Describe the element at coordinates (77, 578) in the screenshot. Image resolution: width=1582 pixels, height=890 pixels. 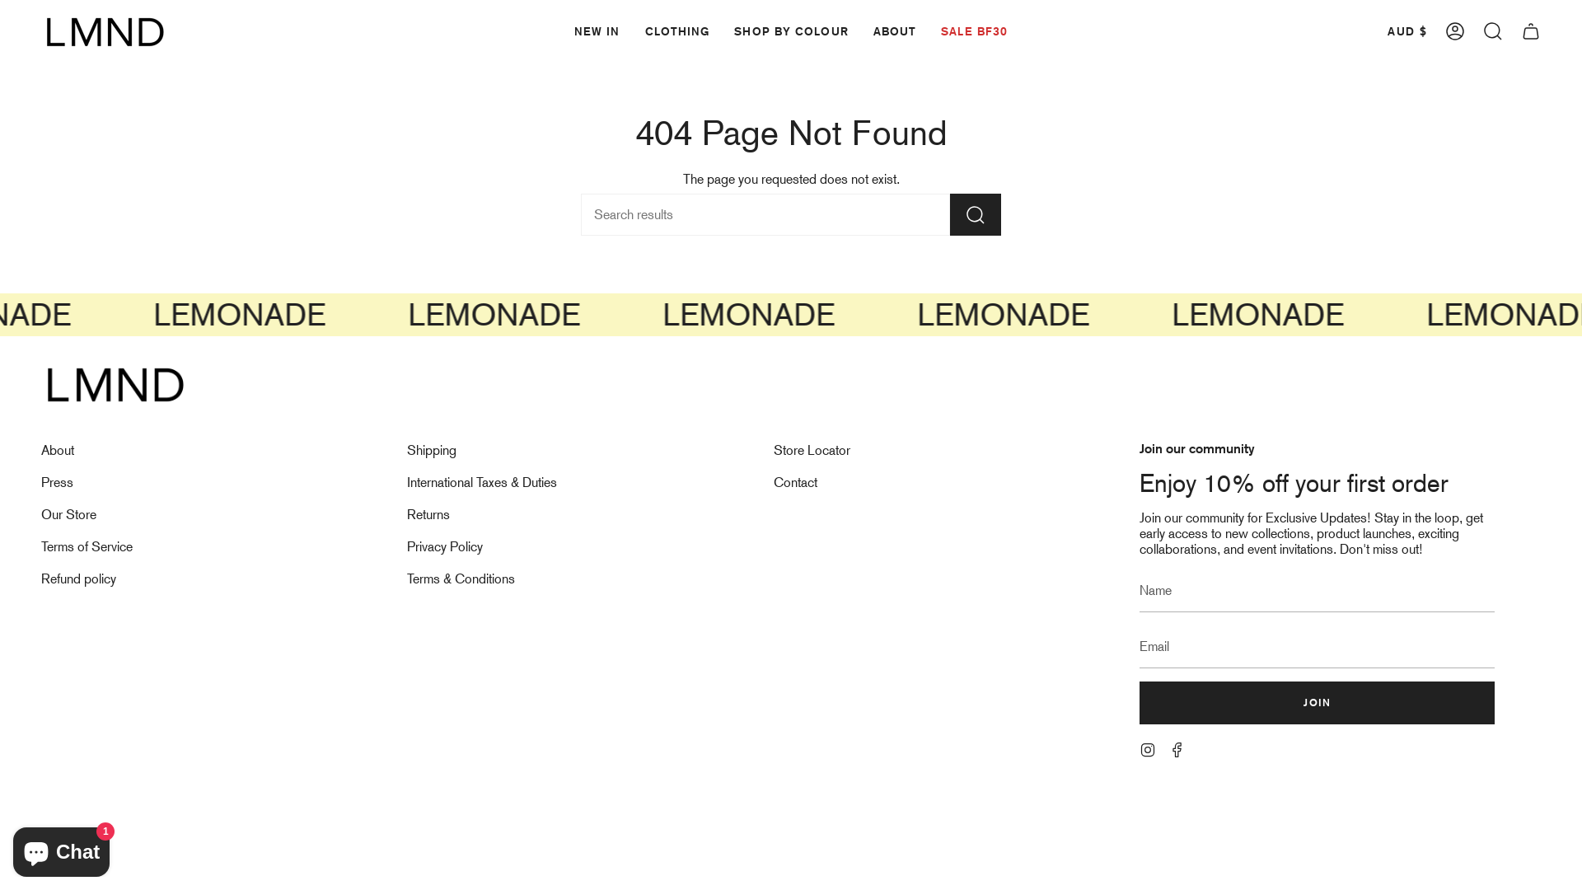
I see `'Refund policy'` at that location.